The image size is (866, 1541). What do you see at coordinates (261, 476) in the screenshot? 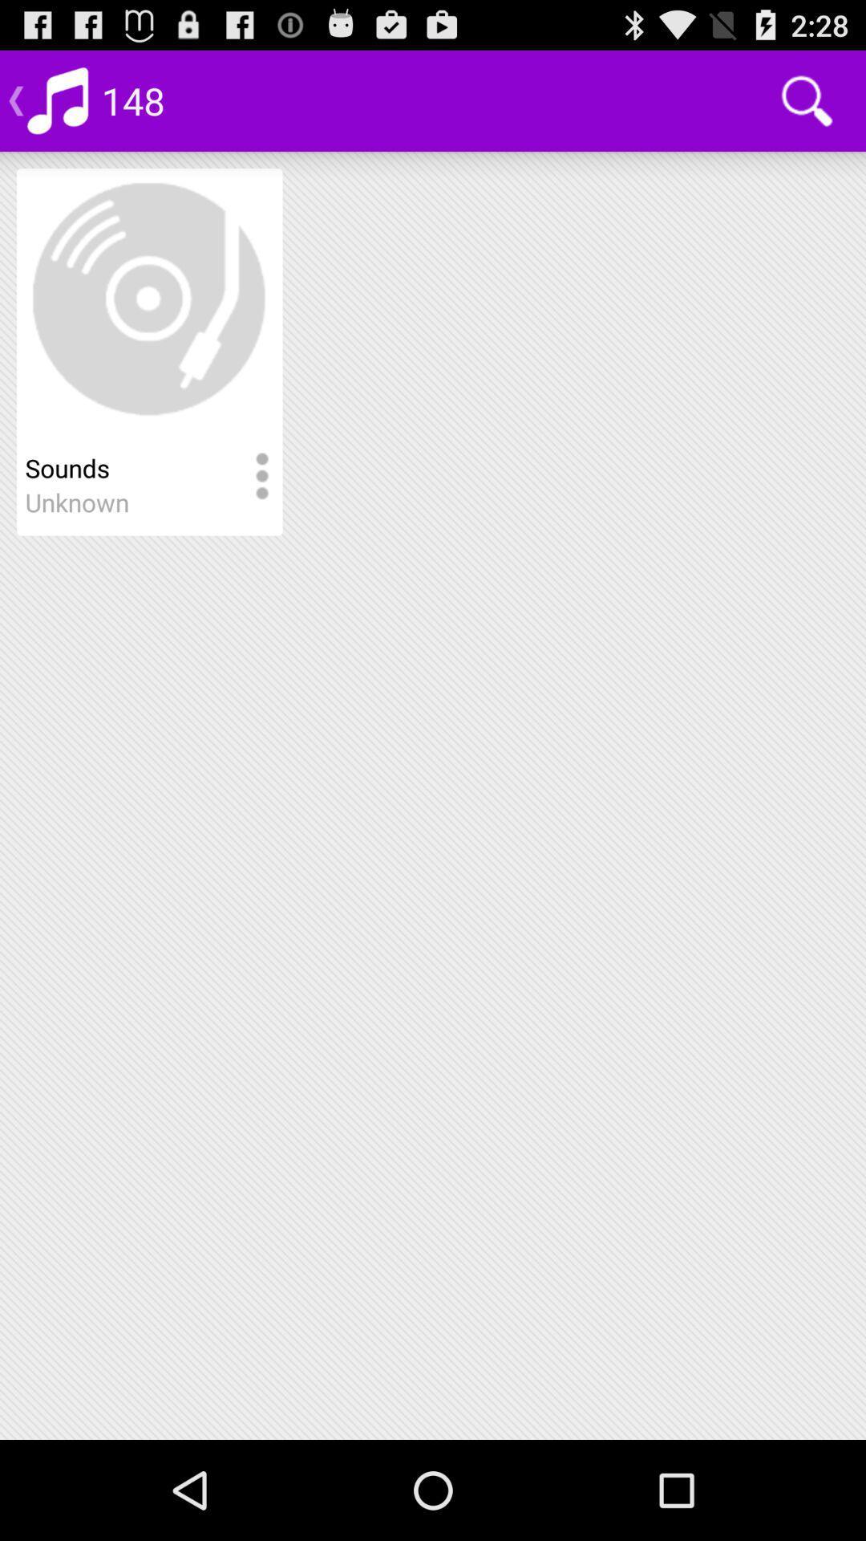
I see `more option` at bounding box center [261, 476].